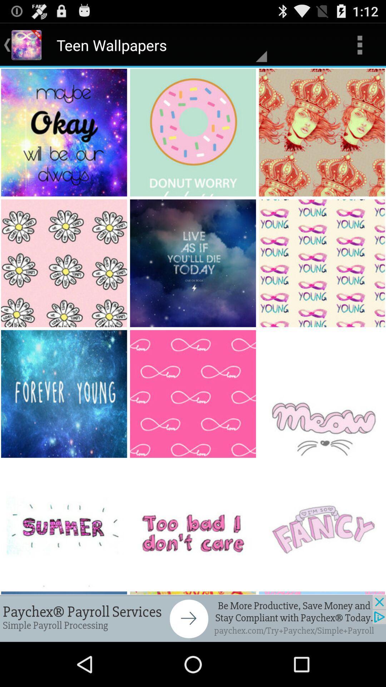 Image resolution: width=386 pixels, height=687 pixels. What do you see at coordinates (360, 44) in the screenshot?
I see `the button which is at the top right corner of the page` at bounding box center [360, 44].